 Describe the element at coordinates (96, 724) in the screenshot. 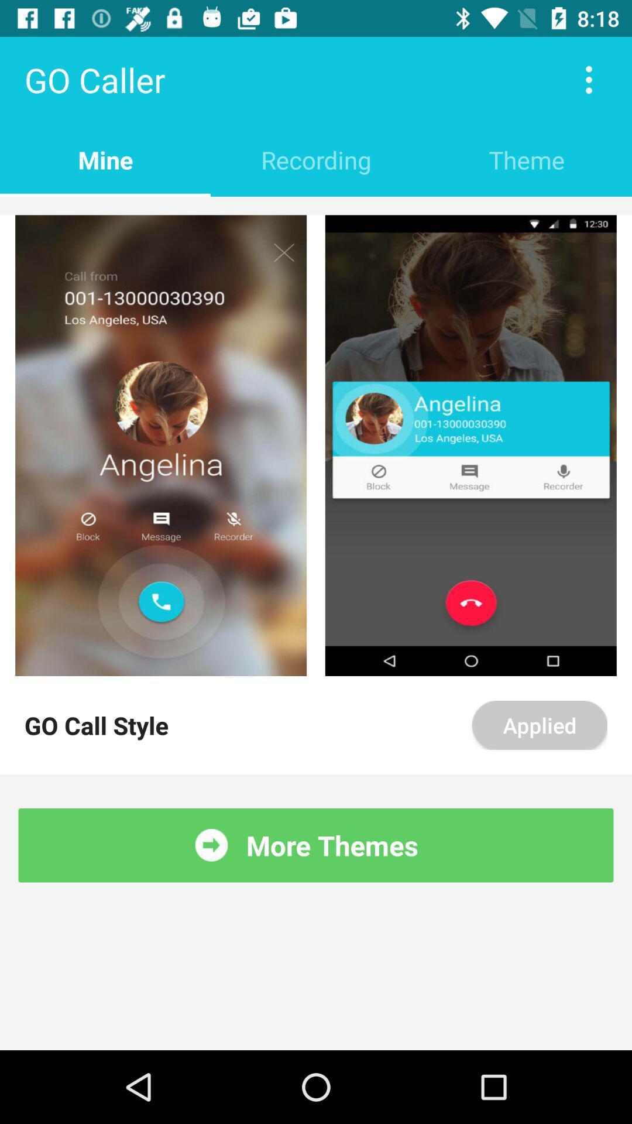

I see `go call style item` at that location.